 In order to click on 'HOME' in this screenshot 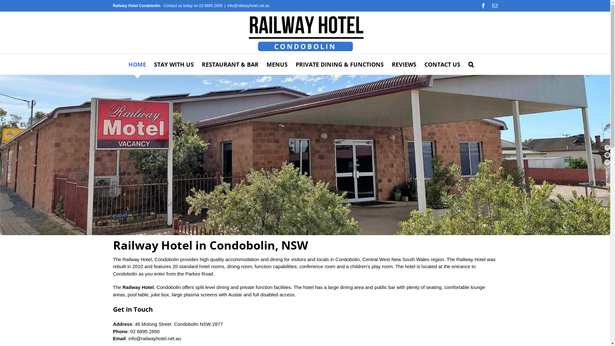, I will do `click(137, 64)`.